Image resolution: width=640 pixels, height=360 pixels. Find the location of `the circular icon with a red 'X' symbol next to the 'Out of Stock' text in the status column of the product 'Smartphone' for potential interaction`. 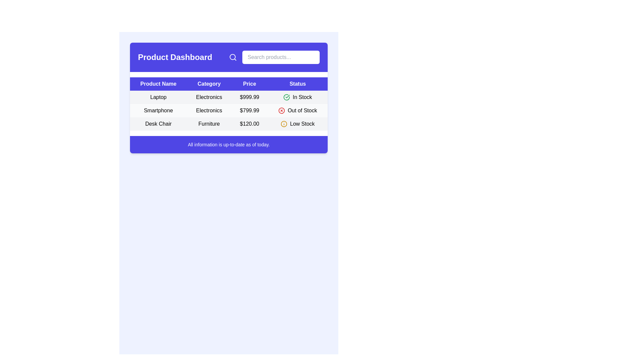

the circular icon with a red 'X' symbol next to the 'Out of Stock' text in the status column of the product 'Smartphone' for potential interaction is located at coordinates (297, 110).